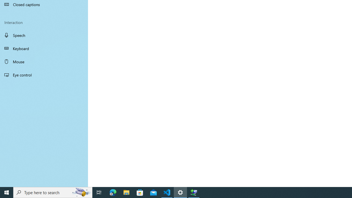 The width and height of the screenshot is (352, 198). I want to click on 'Search highlights icon opens search home window', so click(81, 192).